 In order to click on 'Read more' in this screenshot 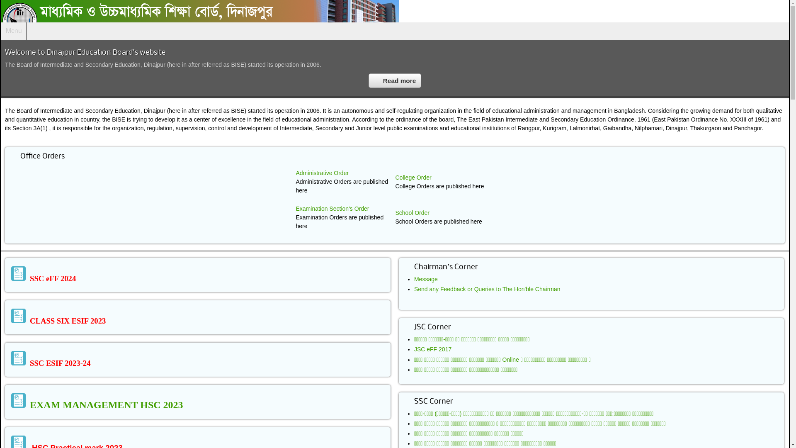, I will do `click(395, 80)`.